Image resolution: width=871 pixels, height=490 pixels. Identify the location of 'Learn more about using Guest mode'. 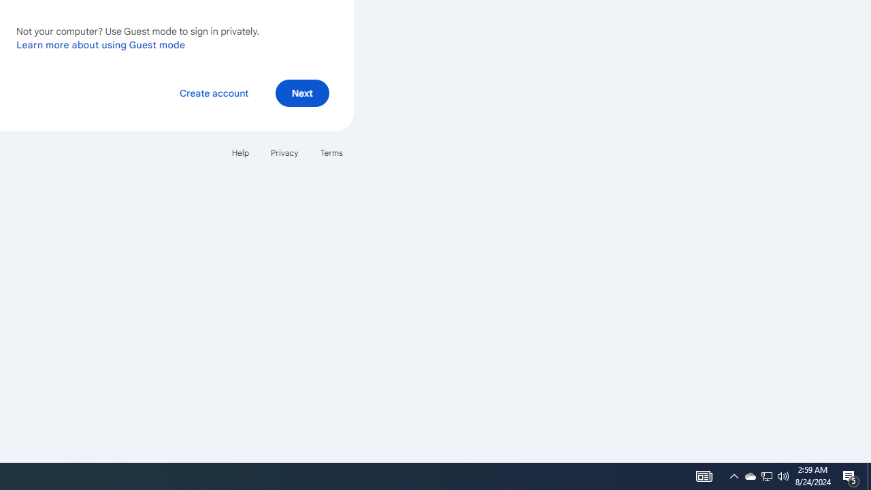
(100, 44).